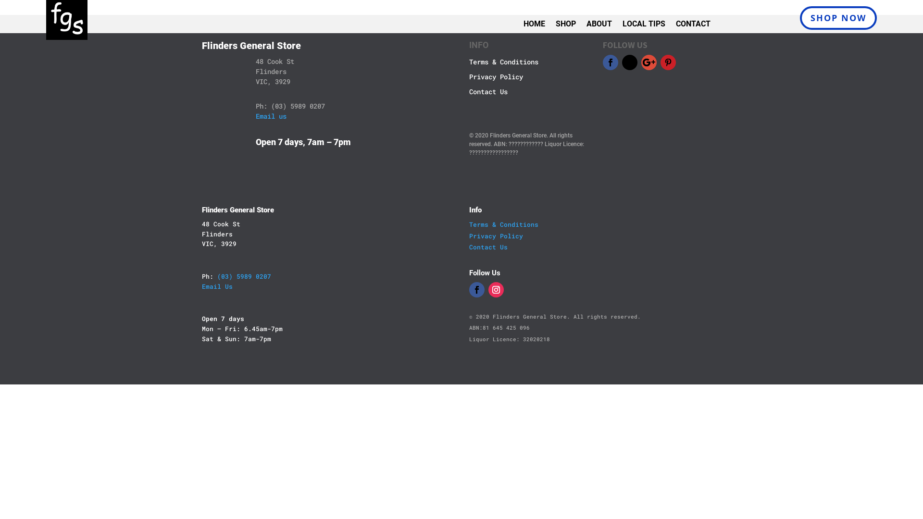 The width and height of the screenshot is (923, 519). Describe the element at coordinates (216, 276) in the screenshot. I see `'(03) 5989 0207'` at that location.